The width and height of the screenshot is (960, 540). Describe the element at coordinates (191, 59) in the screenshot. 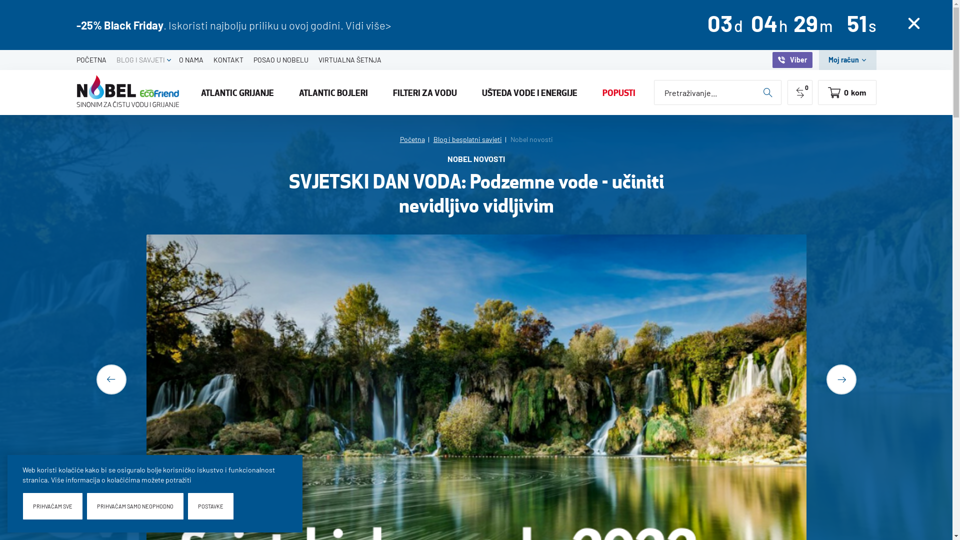

I see `'O NAMA'` at that location.